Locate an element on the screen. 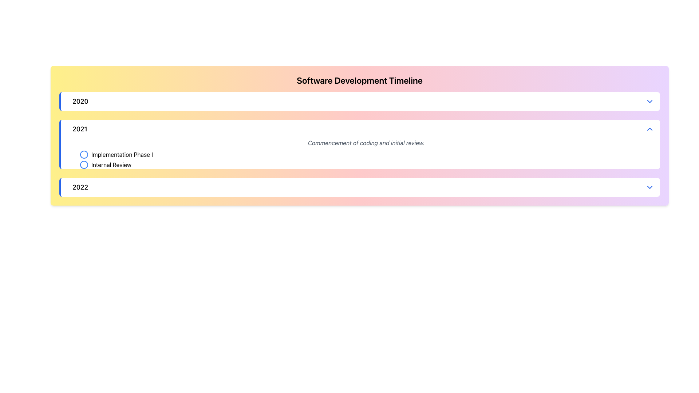 The height and width of the screenshot is (393, 699). the blue downward-facing chevron icon located at the rightmost edge of the '2022' section is located at coordinates (650, 187).